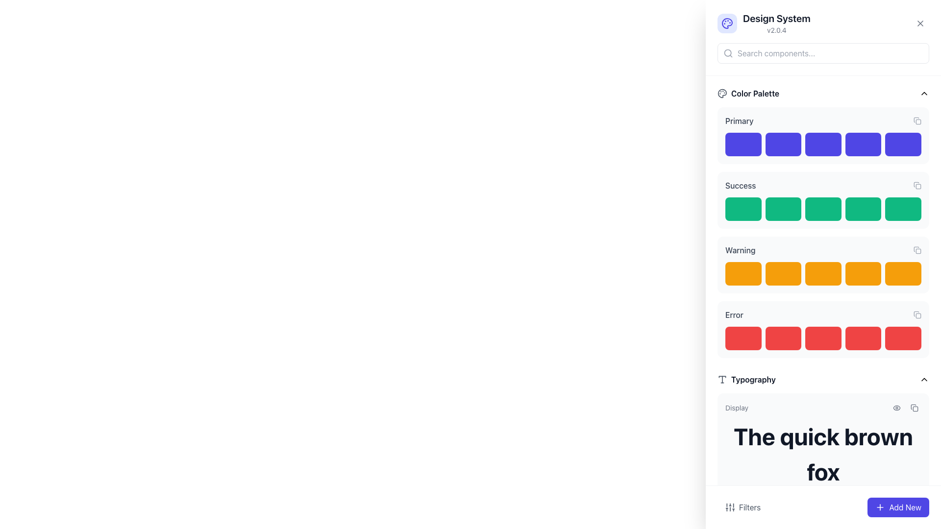  I want to click on the small plus icon embedded within the blue 'Add New' button located in the bottom-right corner of the interface, so click(880, 507).